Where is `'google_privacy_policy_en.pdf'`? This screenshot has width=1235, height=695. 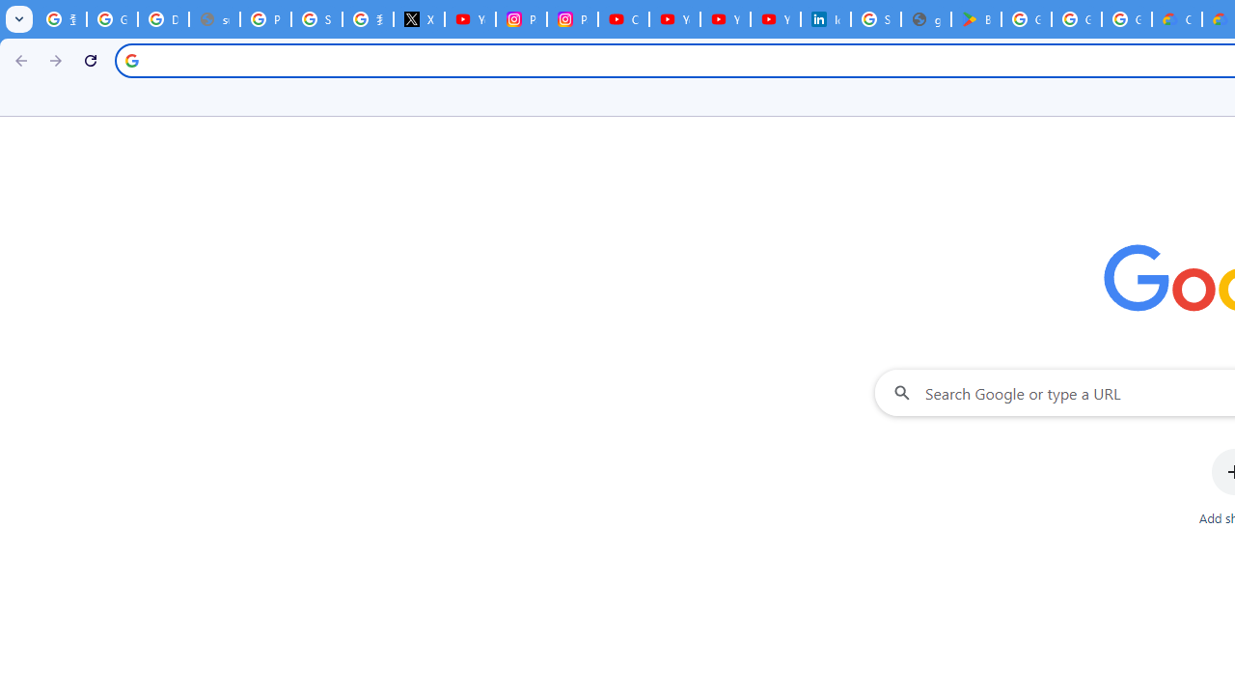
'google_privacy_policy_en.pdf' is located at coordinates (926, 19).